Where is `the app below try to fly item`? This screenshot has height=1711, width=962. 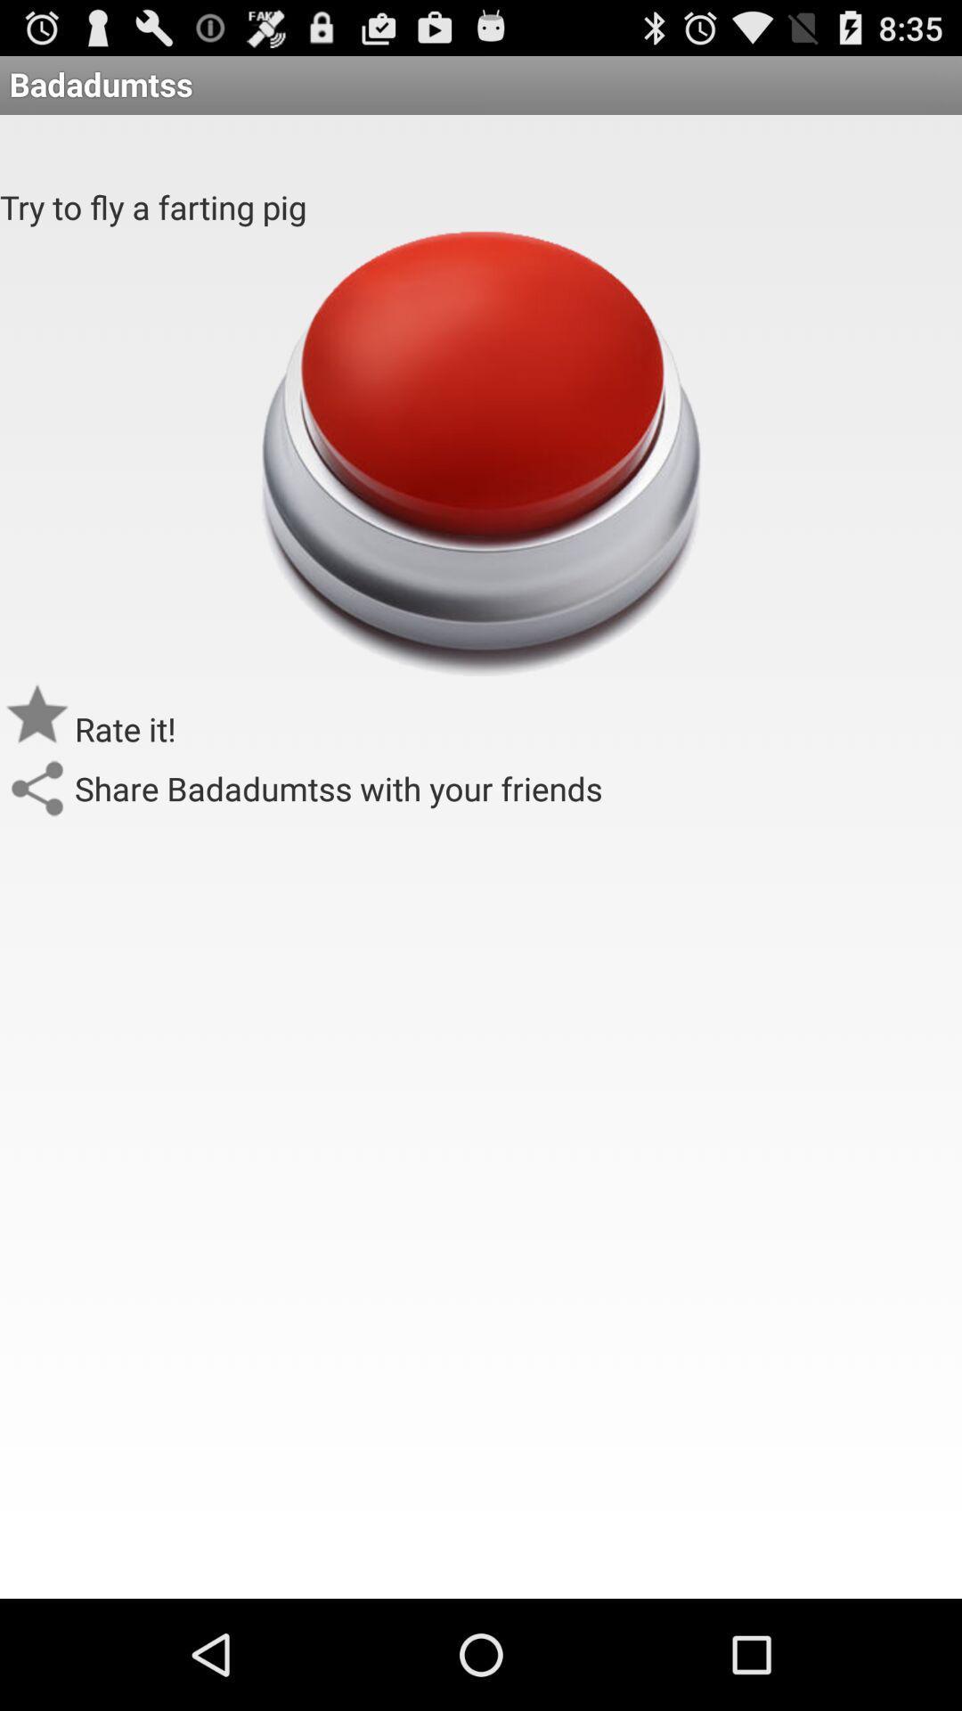 the app below try to fly item is located at coordinates (125, 729).